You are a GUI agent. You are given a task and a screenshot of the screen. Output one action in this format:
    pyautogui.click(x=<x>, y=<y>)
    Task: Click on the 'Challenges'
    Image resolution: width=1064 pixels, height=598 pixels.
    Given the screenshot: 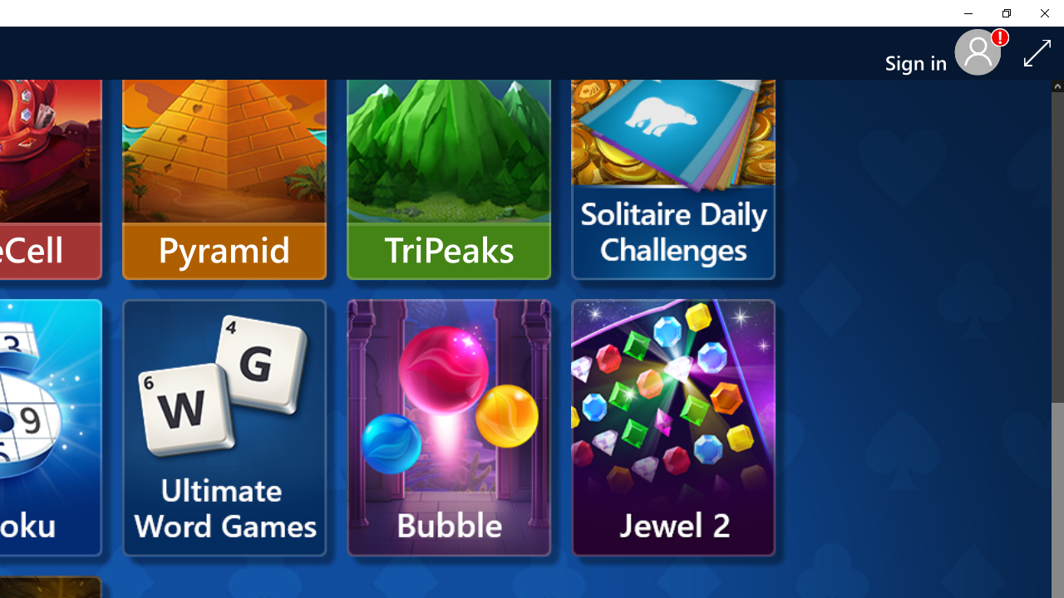 What is the action you would take?
    pyautogui.click(x=673, y=151)
    